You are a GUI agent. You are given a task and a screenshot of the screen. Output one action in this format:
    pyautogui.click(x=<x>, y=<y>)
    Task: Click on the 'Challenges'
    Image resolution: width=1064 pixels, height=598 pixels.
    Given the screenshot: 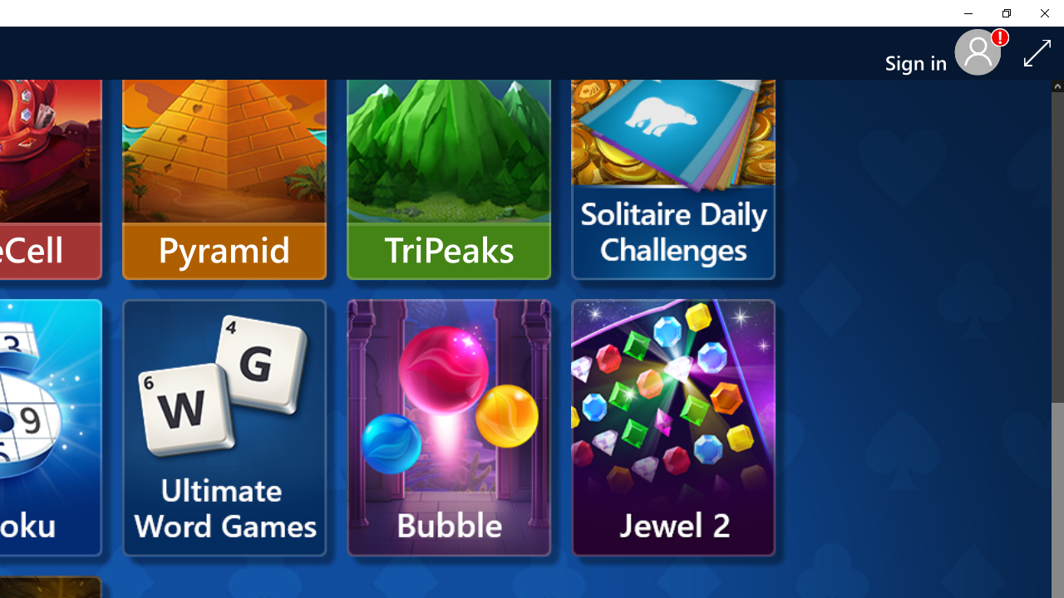 What is the action you would take?
    pyautogui.click(x=673, y=151)
    